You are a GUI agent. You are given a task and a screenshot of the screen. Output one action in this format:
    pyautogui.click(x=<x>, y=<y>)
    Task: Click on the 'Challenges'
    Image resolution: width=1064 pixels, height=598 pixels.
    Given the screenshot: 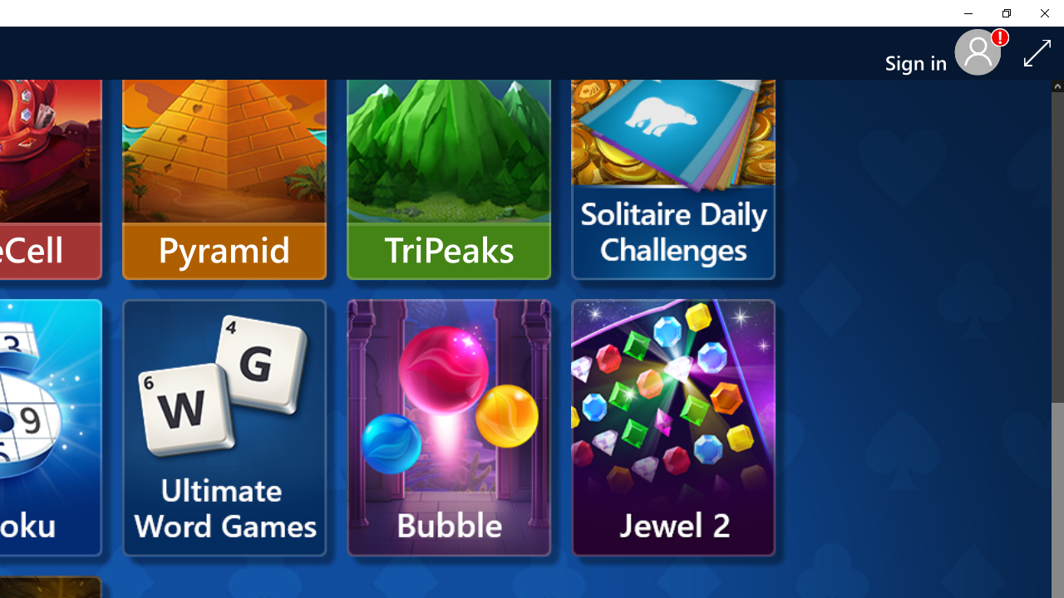 What is the action you would take?
    pyautogui.click(x=673, y=151)
    